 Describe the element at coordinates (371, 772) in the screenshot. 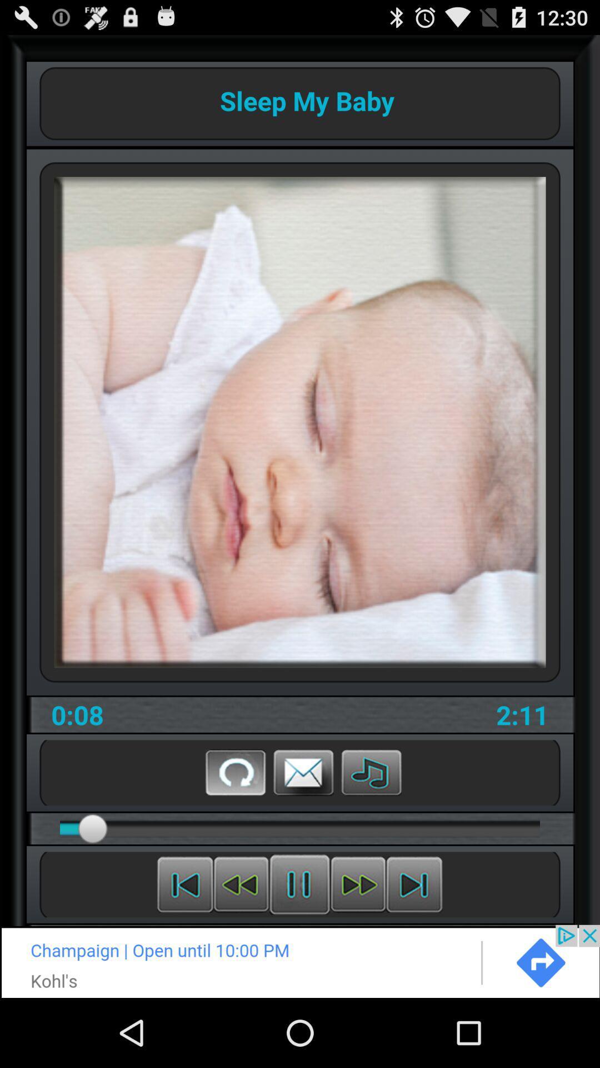

I see `choose another lullaby` at that location.